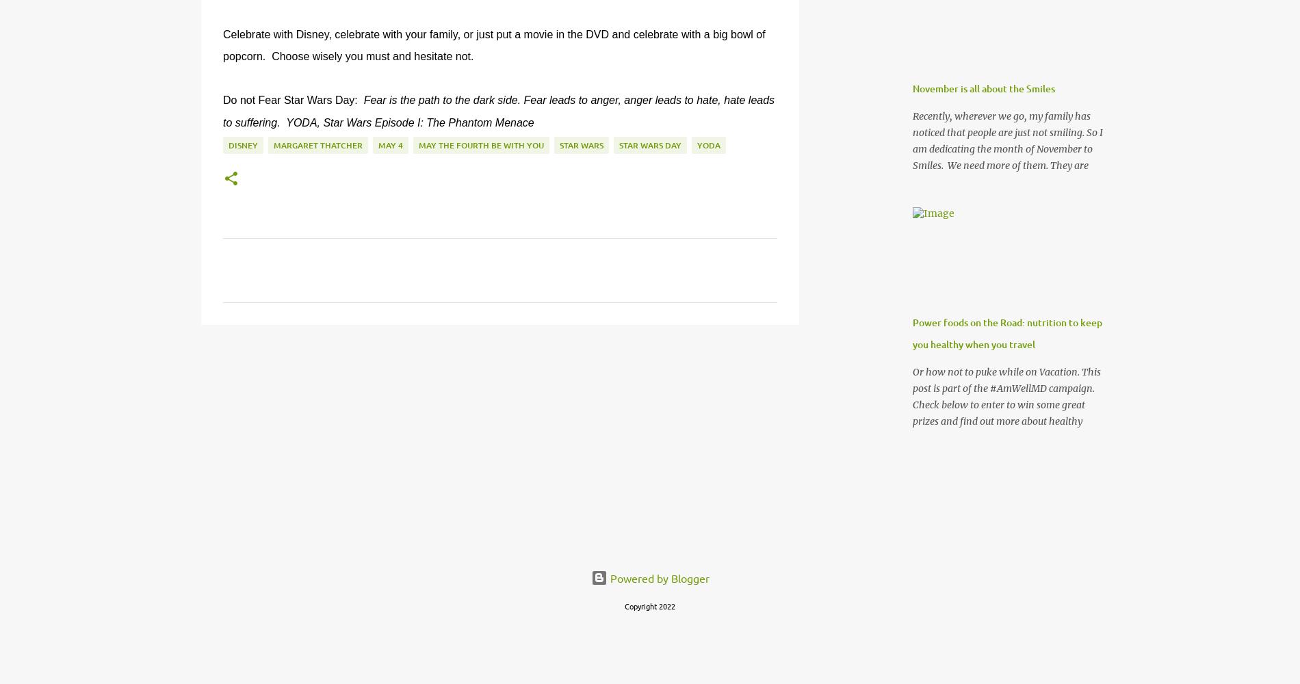 This screenshot has height=684, width=1300. I want to click on 'November is all about the Smiles', so click(983, 88).